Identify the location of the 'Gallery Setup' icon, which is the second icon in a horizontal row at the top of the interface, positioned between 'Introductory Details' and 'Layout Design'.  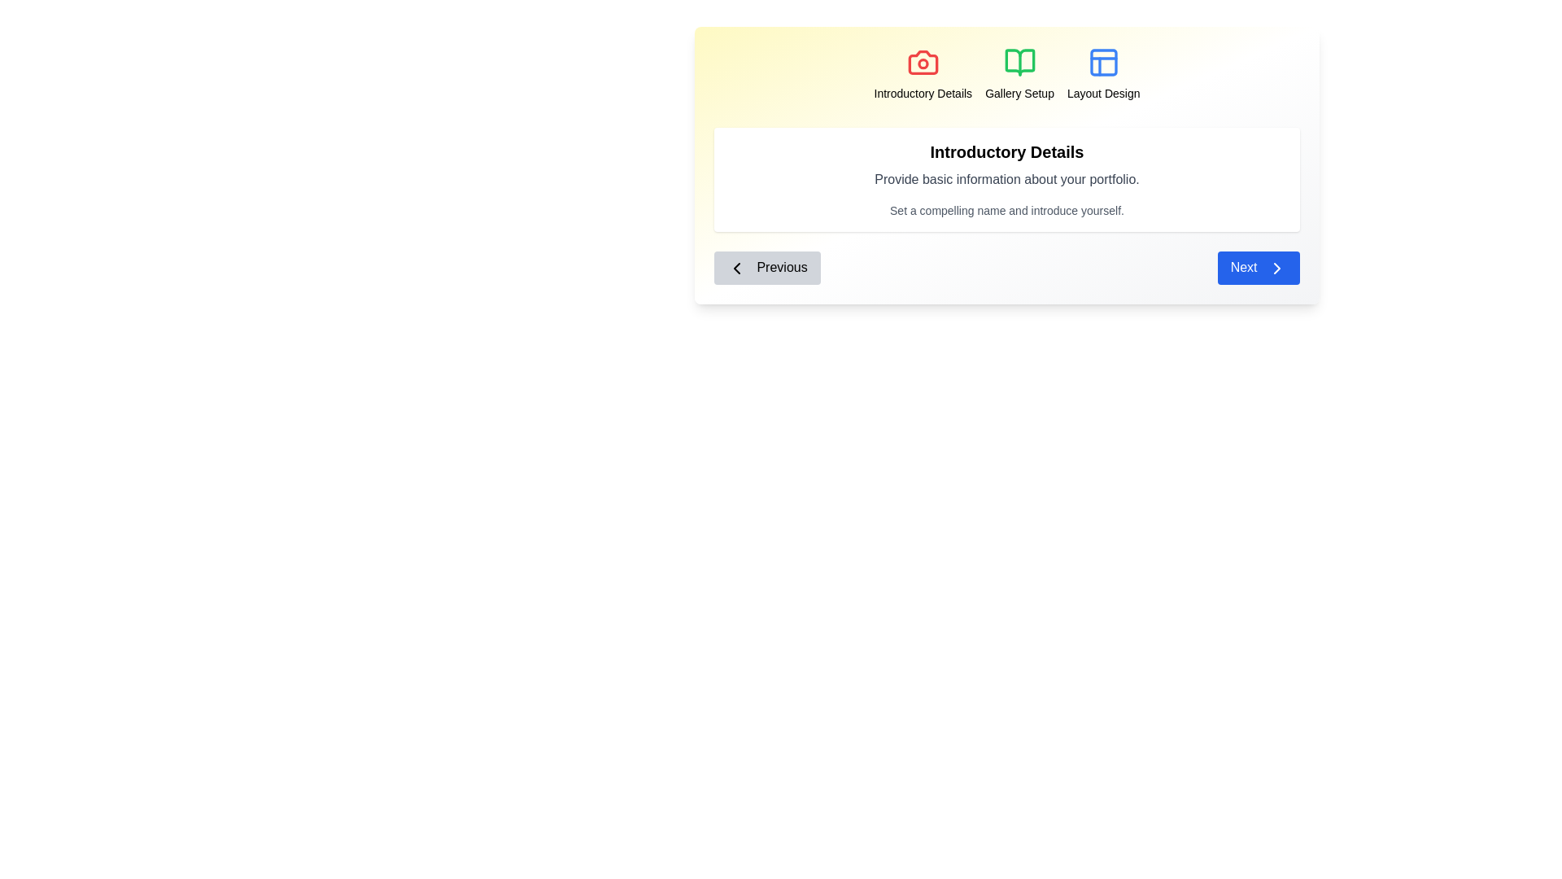
(1019, 62).